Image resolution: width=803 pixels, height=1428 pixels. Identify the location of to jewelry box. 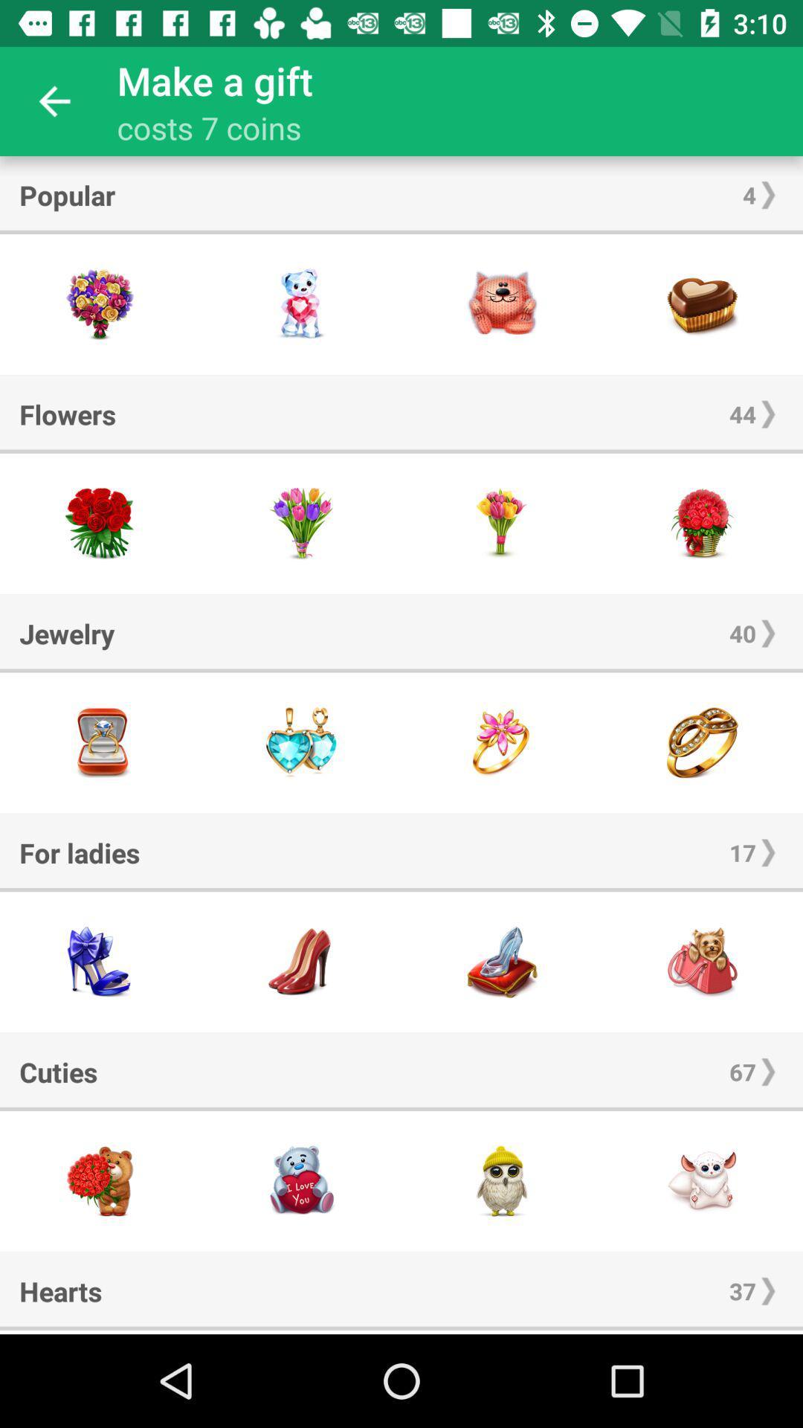
(100, 742).